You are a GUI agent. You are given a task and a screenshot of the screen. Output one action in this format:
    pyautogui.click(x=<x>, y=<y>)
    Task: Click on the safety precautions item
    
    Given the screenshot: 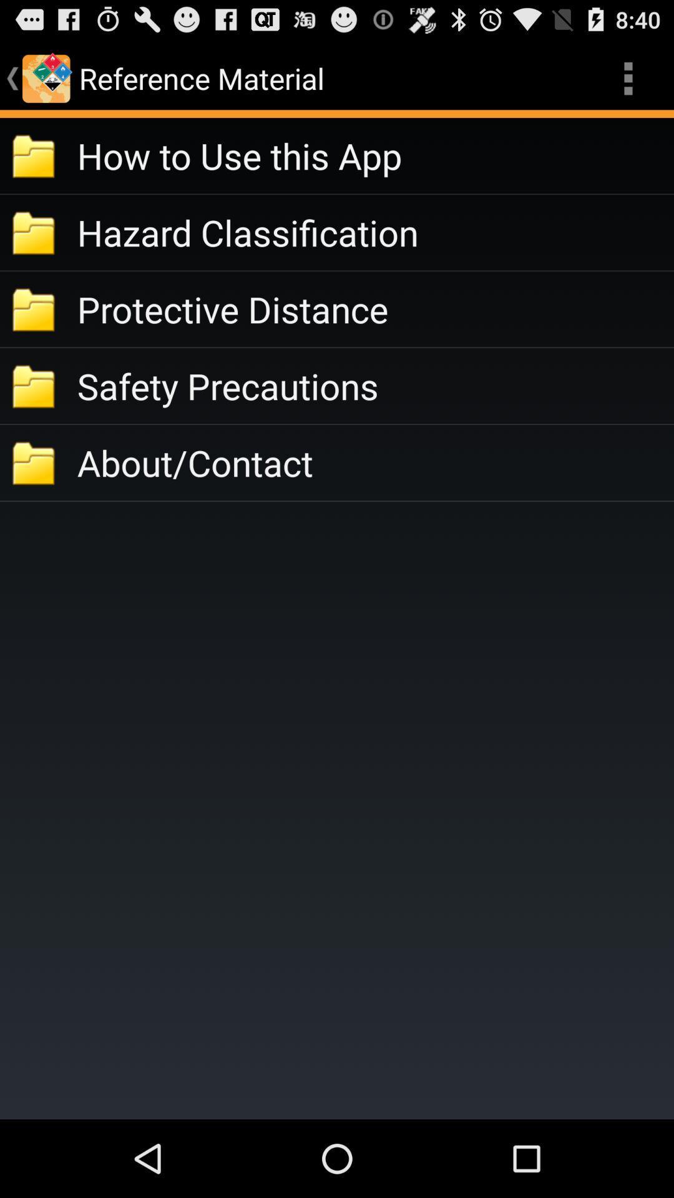 What is the action you would take?
    pyautogui.click(x=374, y=385)
    